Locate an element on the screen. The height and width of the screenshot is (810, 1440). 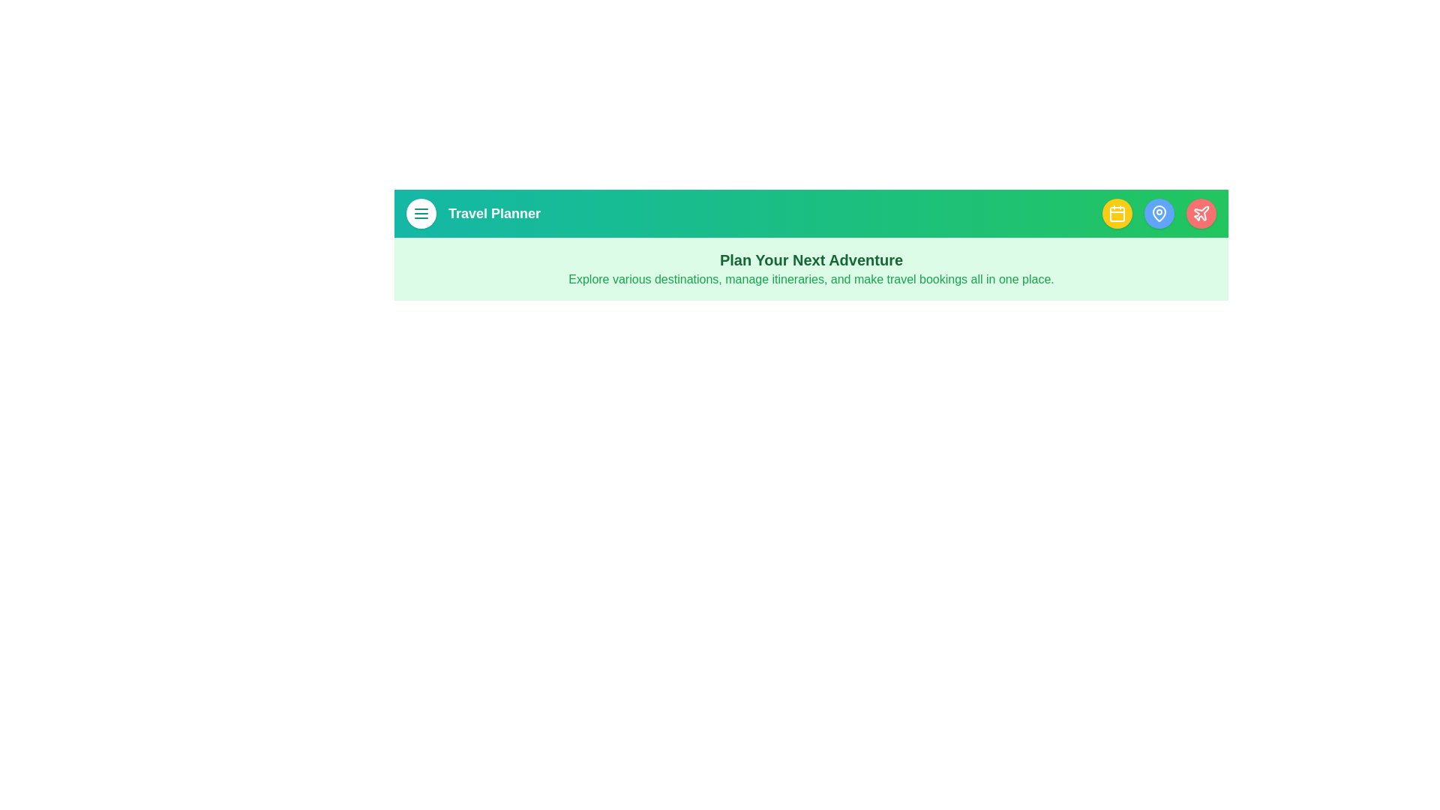
the flights button to book a flight is located at coordinates (1201, 214).